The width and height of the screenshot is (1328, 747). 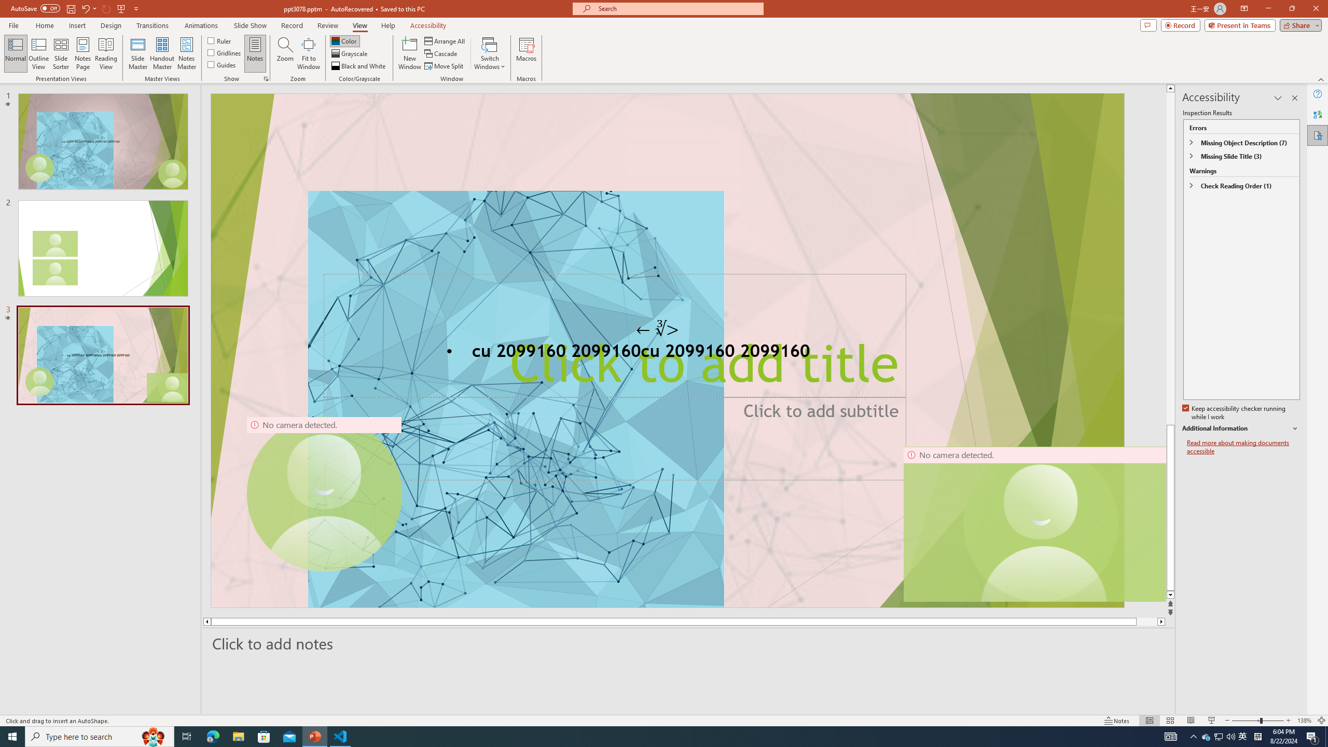 What do you see at coordinates (344, 40) in the screenshot?
I see `'Color'` at bounding box center [344, 40].